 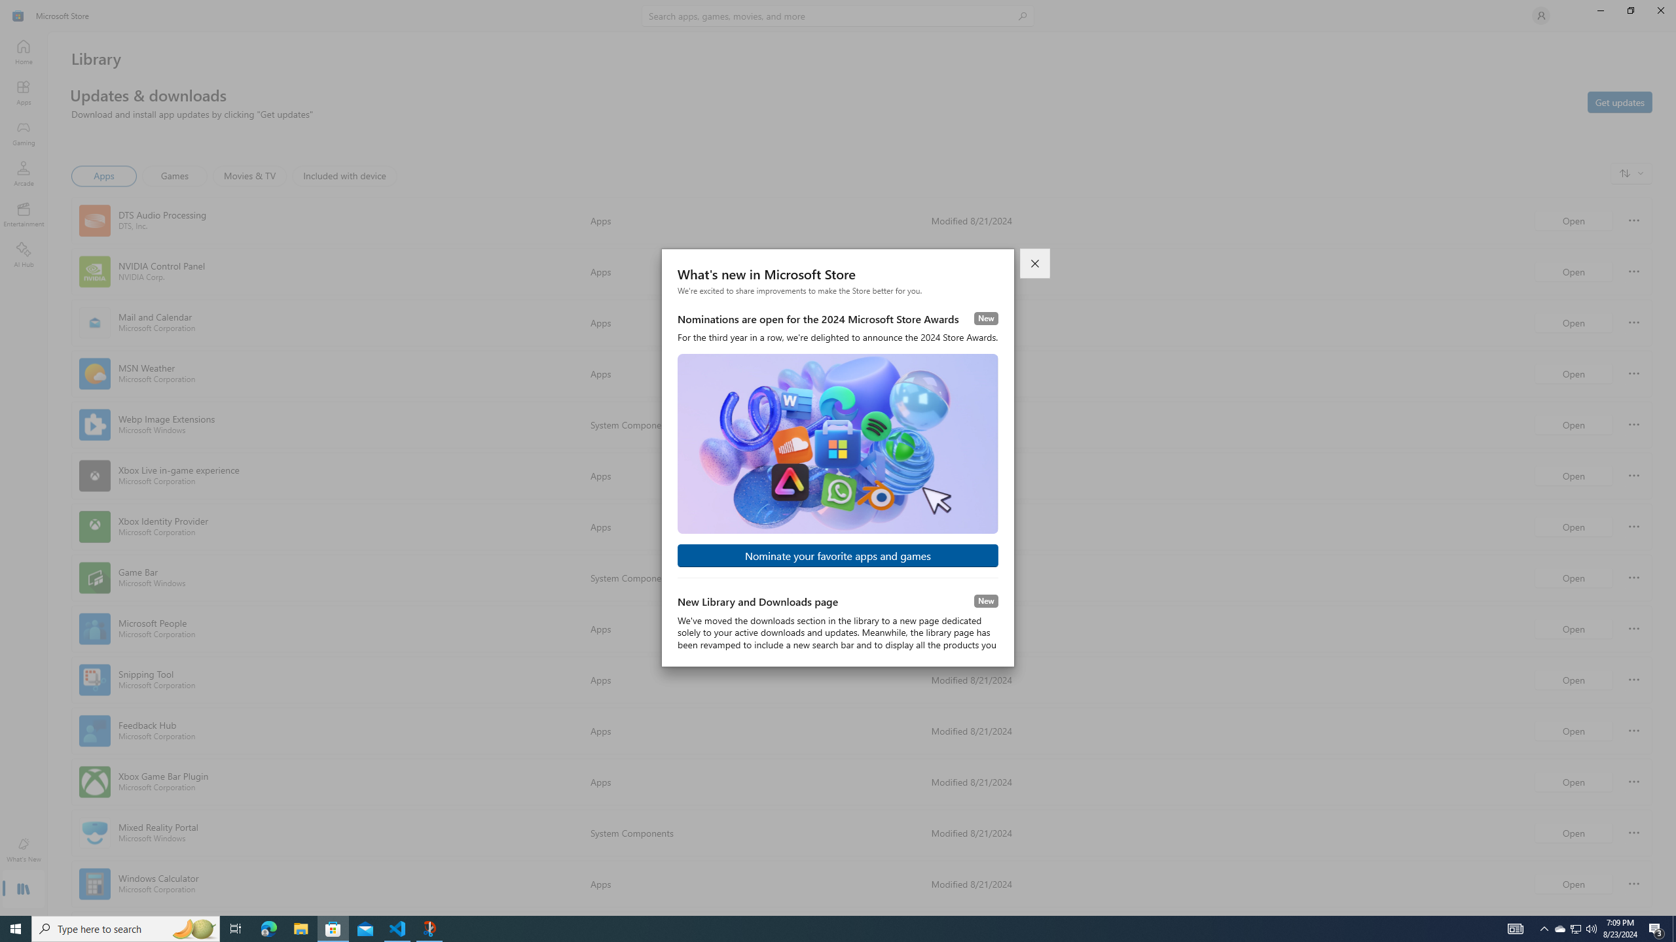 What do you see at coordinates (1630, 10) in the screenshot?
I see `'Restore Microsoft Store'` at bounding box center [1630, 10].